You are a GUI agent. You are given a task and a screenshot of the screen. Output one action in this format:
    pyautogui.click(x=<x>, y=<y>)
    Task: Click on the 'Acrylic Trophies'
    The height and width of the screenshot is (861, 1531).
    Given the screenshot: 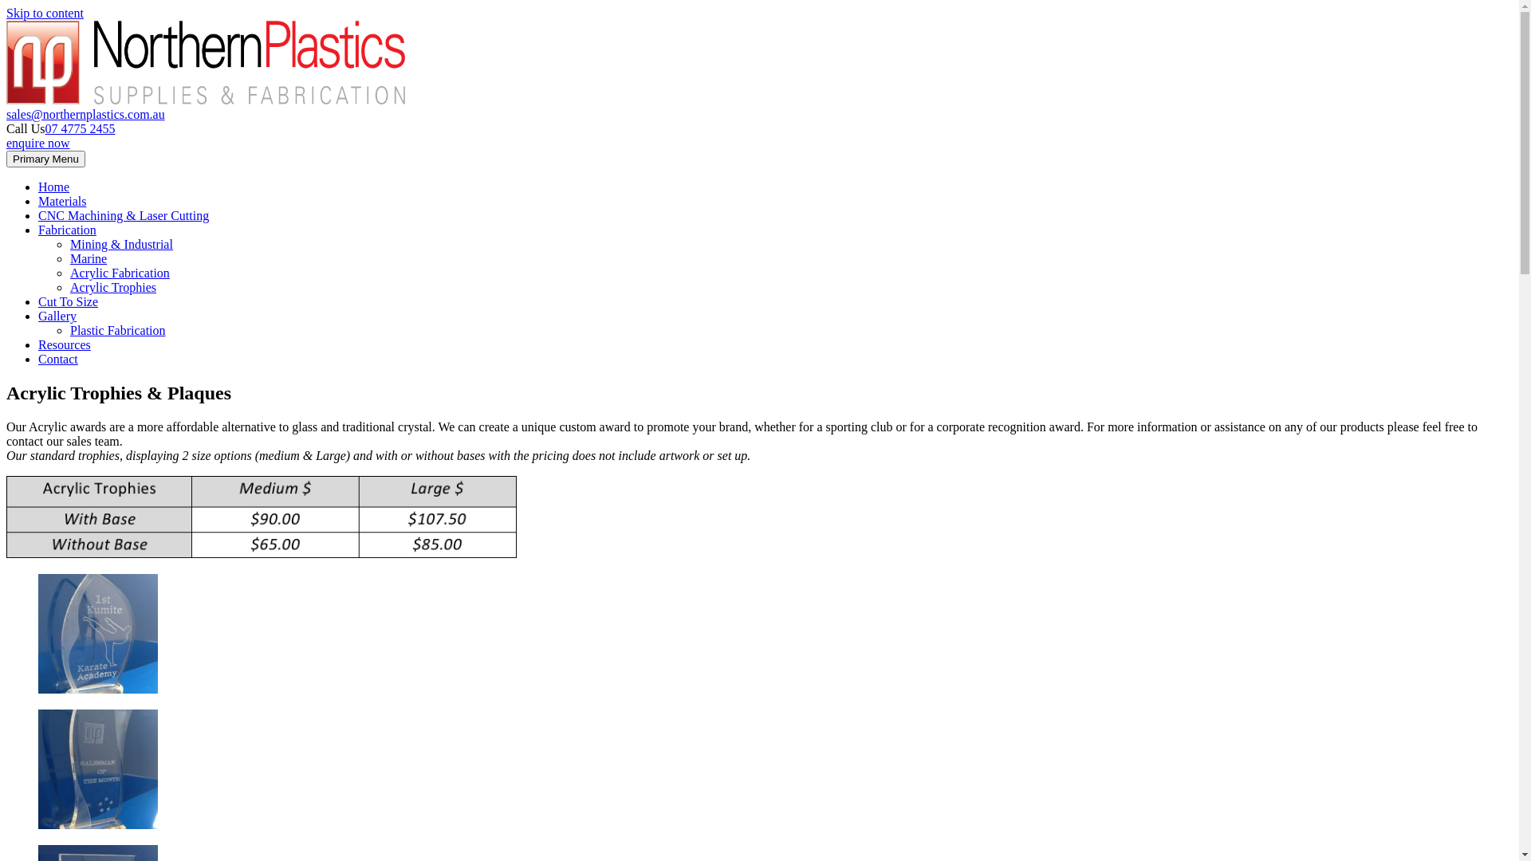 What is the action you would take?
    pyautogui.click(x=112, y=287)
    